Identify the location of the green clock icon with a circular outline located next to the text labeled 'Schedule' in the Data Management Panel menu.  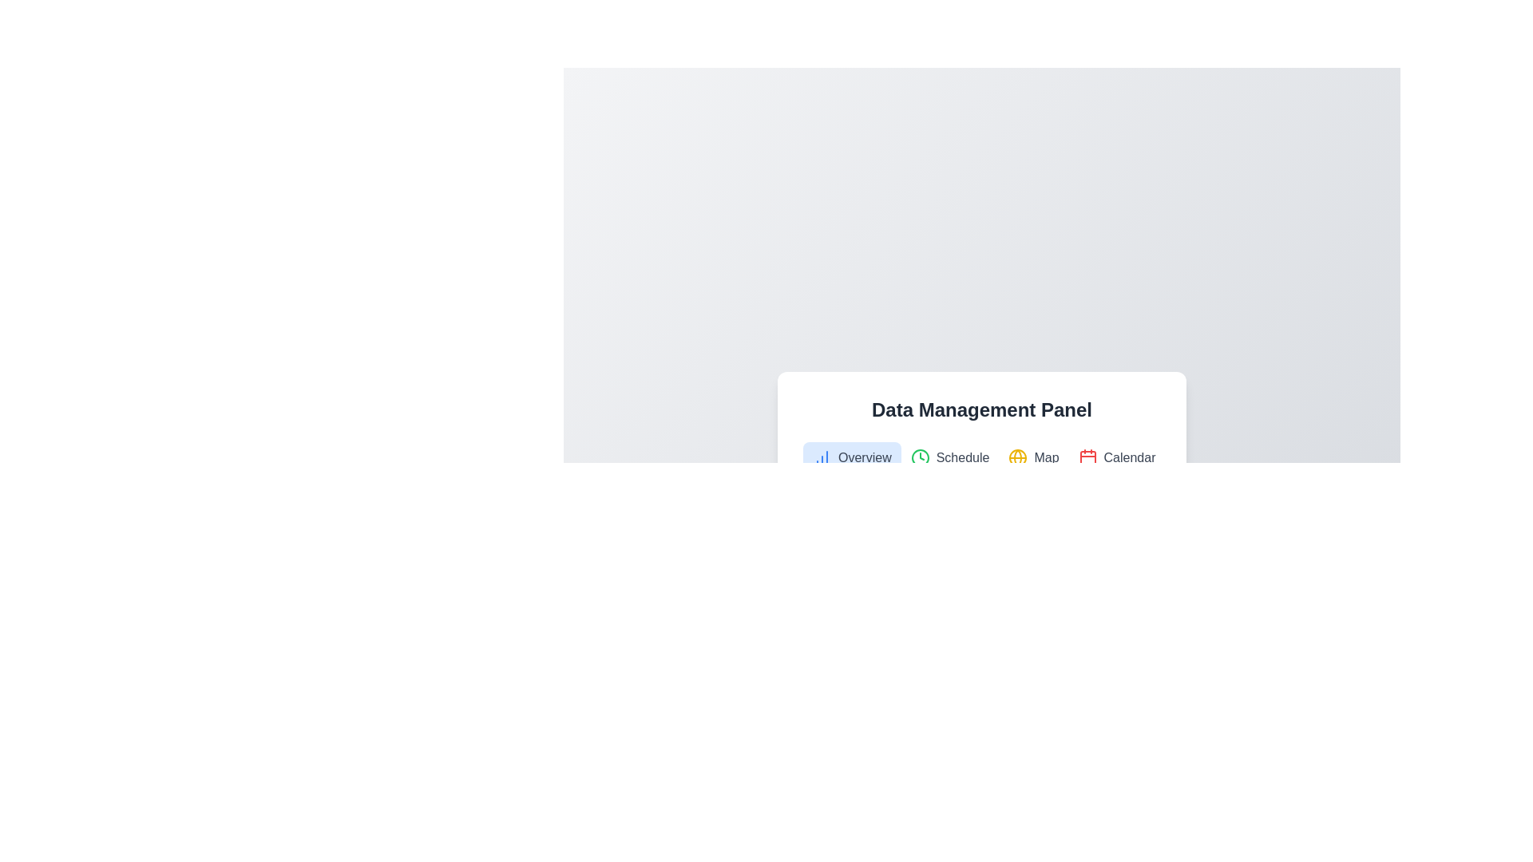
(920, 458).